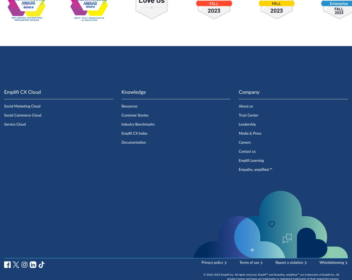 The image size is (352, 280). Describe the element at coordinates (238, 160) in the screenshot. I see `'Emplifi Learning'` at that location.